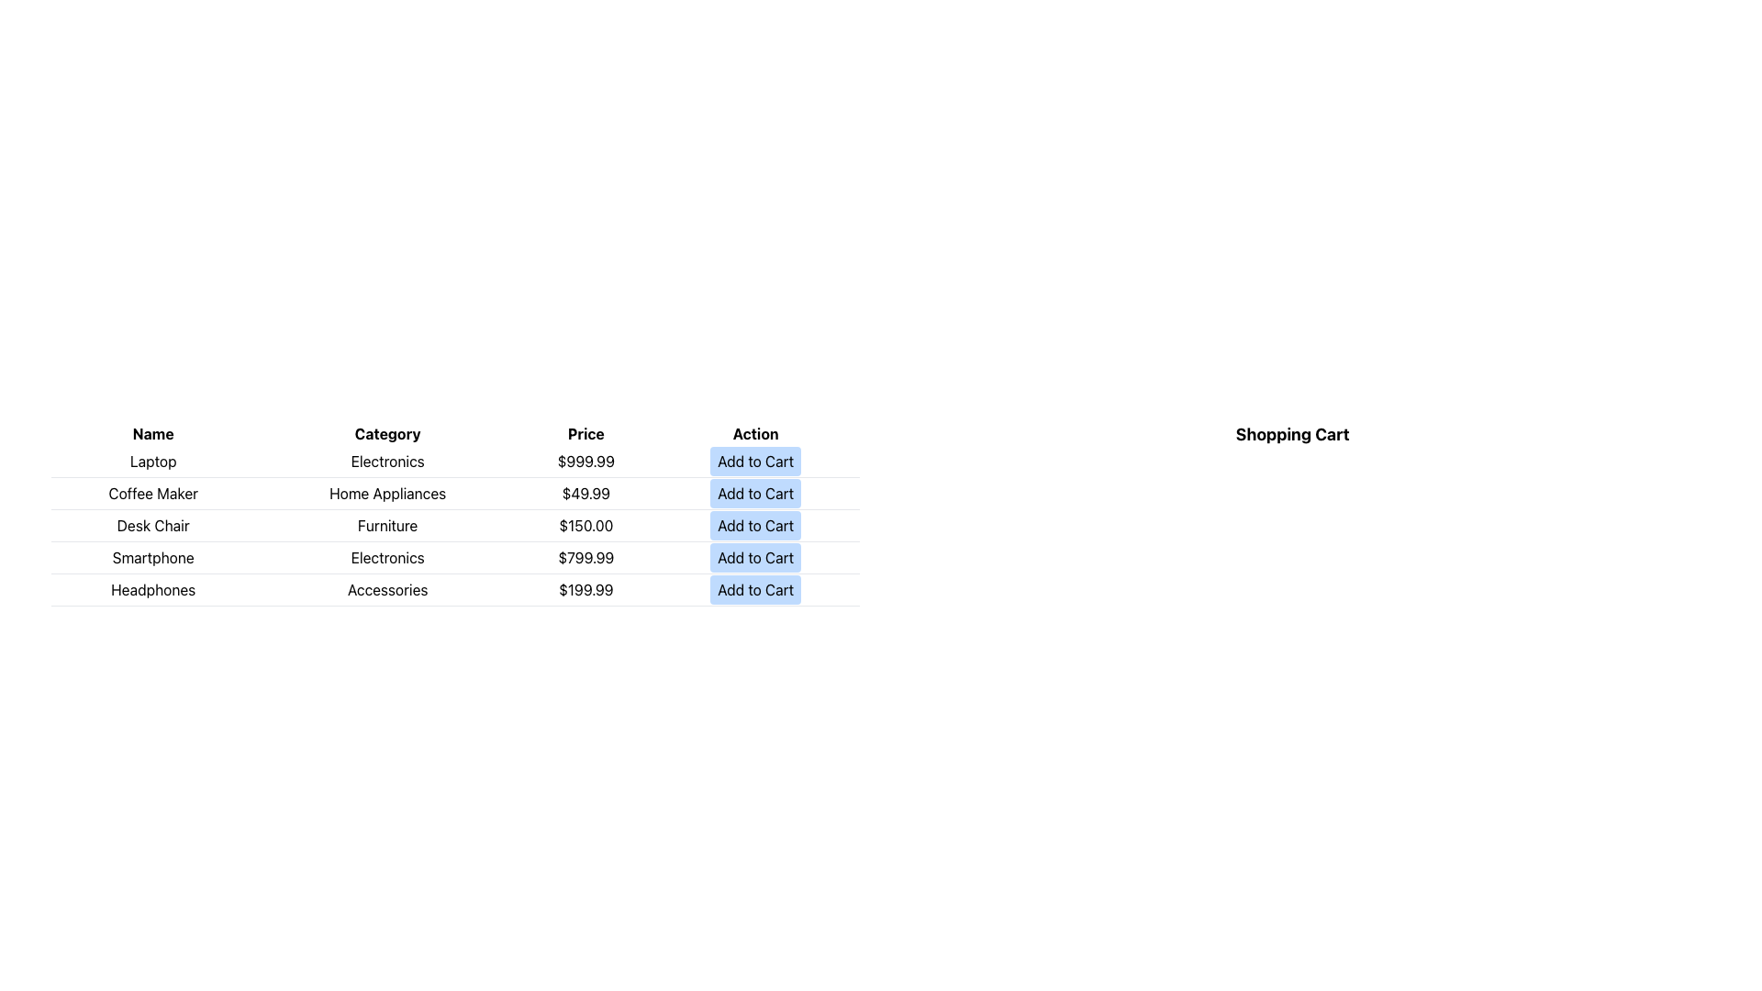 The height and width of the screenshot is (991, 1762). Describe the element at coordinates (153, 461) in the screenshot. I see `the Text Label in the first row under the 'Name' column that describes the 'Electronics' category` at that location.